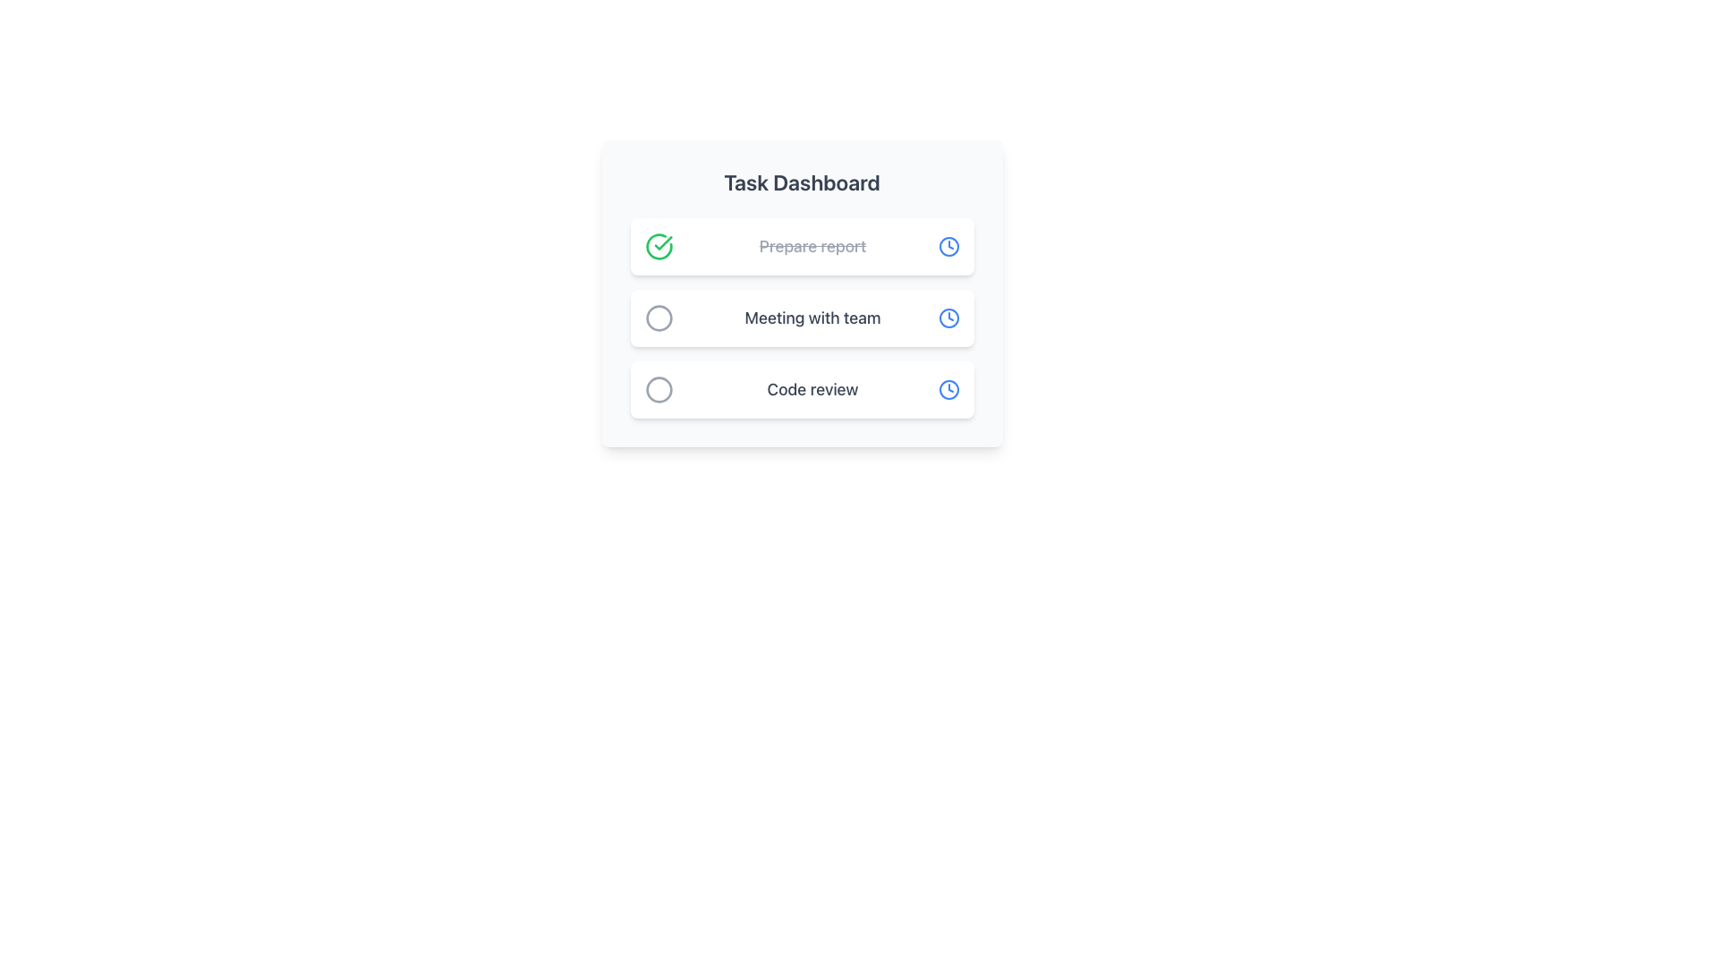 The width and height of the screenshot is (1718, 966). I want to click on SVG circle element representing the clock face of the icon located at the right end of the first task in the task dashboard list, so click(948, 247).